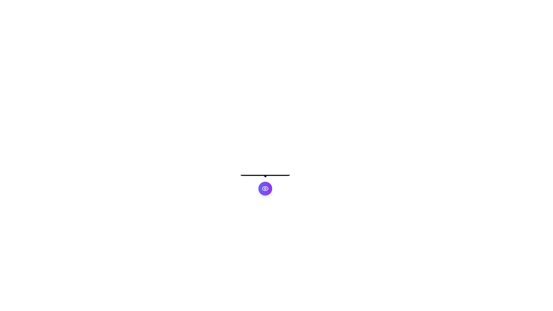 This screenshot has width=553, height=311. I want to click on the circular button with a gradient background and an eye icon in the center, so click(265, 189).